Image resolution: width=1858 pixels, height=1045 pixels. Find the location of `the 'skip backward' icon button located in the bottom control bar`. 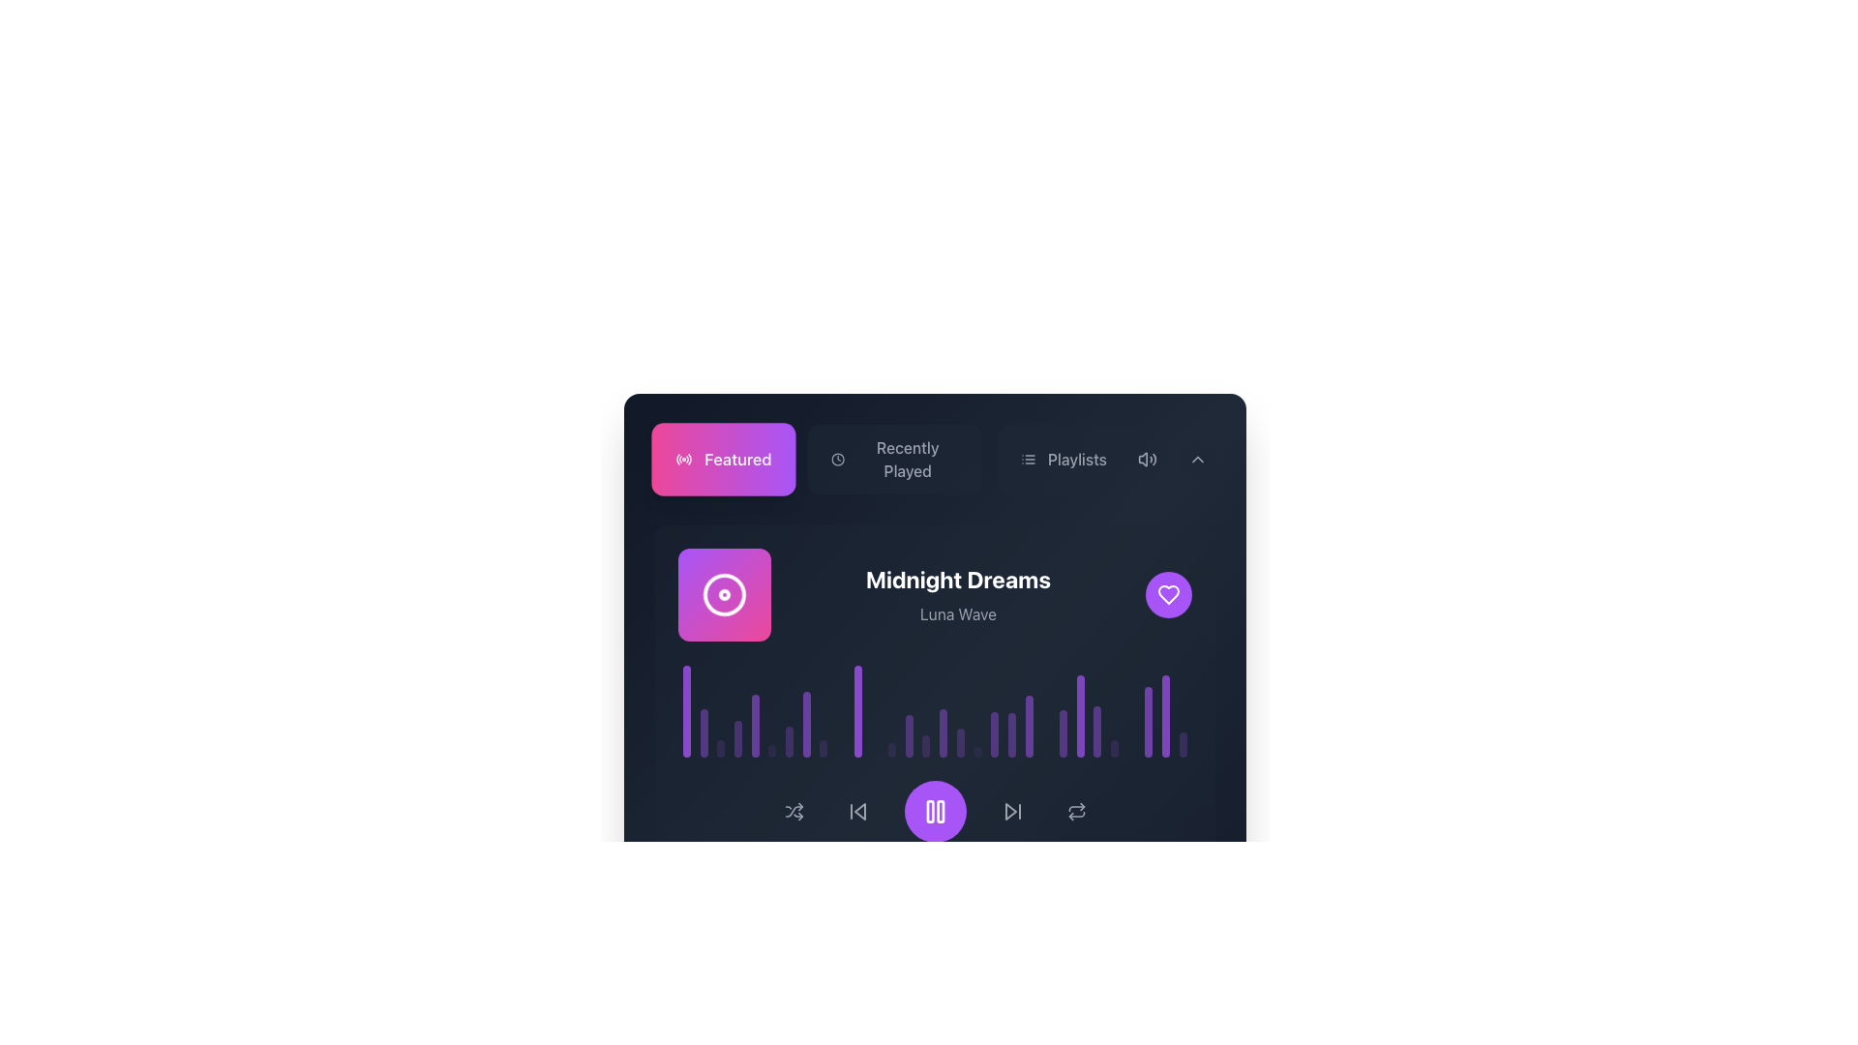

the 'skip backward' icon button located in the bottom control bar is located at coordinates (856, 812).